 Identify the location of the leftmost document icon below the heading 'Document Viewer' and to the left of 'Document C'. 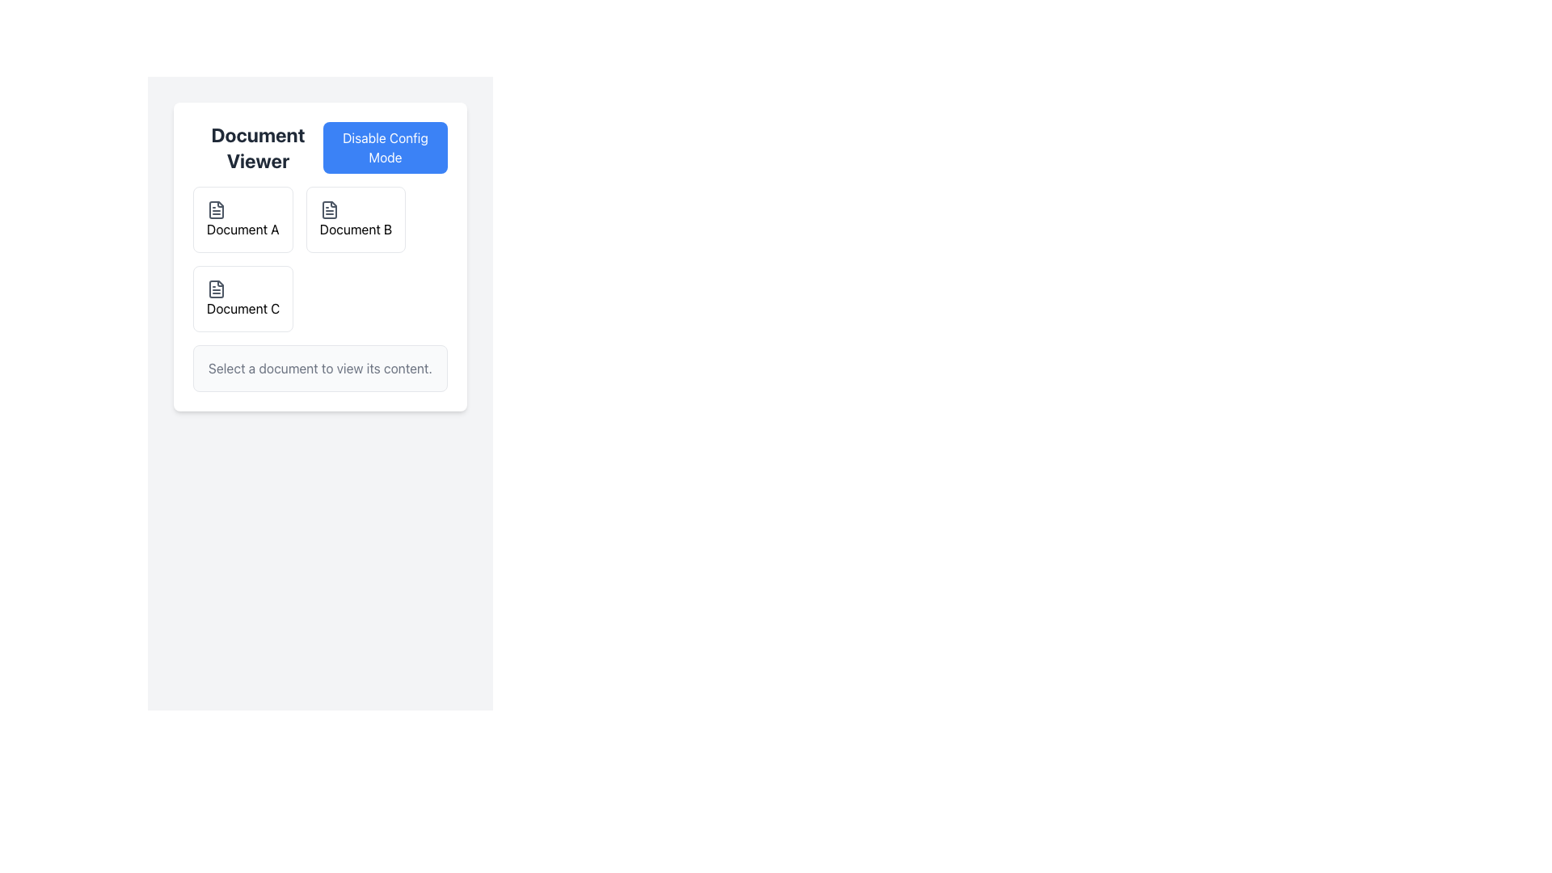
(216, 289).